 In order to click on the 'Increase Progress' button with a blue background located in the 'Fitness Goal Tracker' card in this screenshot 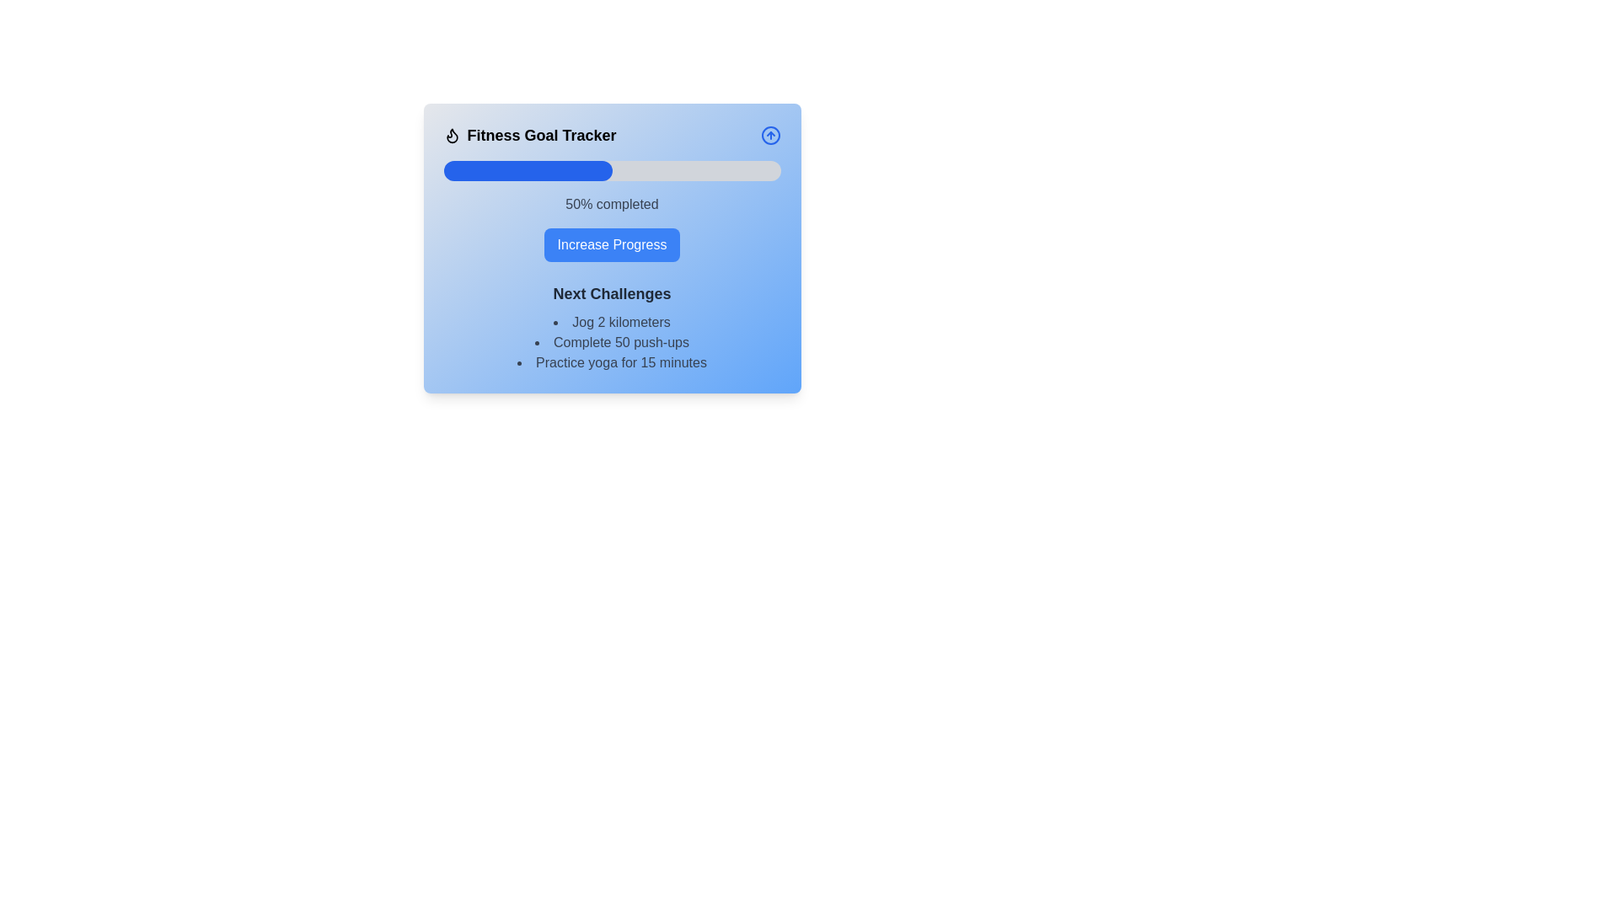, I will do `click(611, 244)`.